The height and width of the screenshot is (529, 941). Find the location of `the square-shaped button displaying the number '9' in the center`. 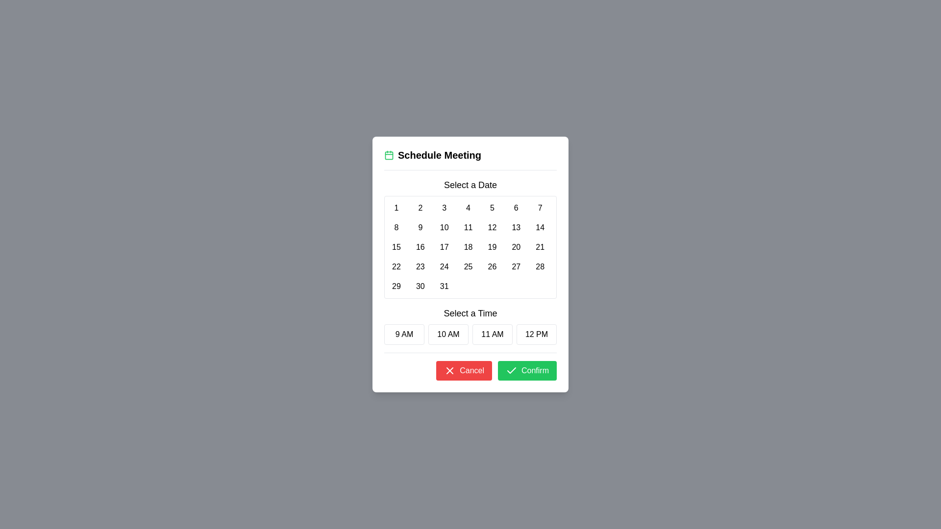

the square-shaped button displaying the number '9' in the center is located at coordinates (420, 228).